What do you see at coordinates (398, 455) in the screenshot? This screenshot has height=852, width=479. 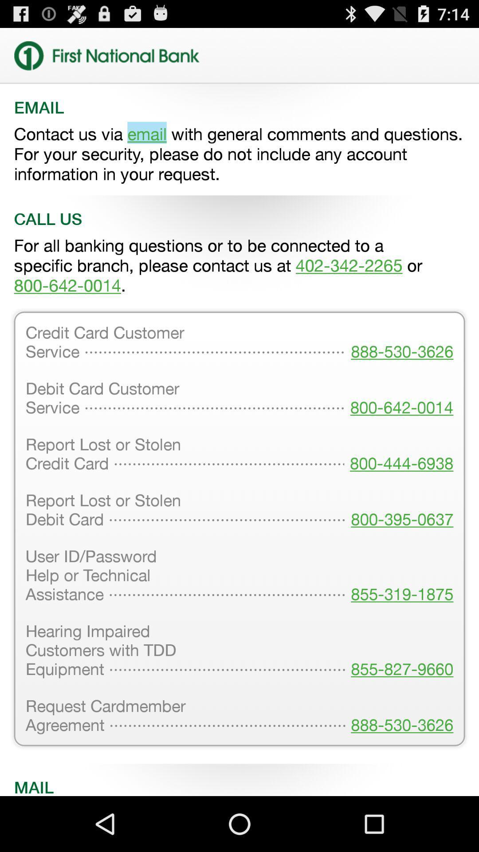 I see `icon below debit card customer icon` at bounding box center [398, 455].